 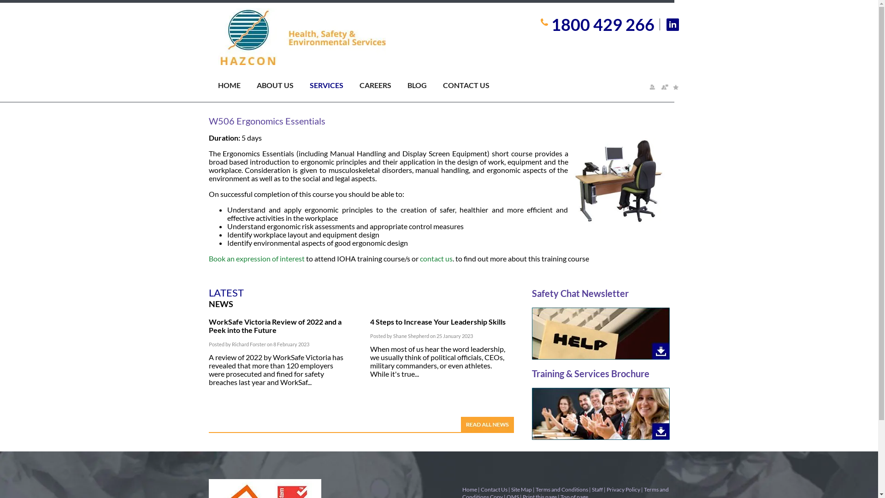 What do you see at coordinates (473, 87) in the screenshot?
I see `'CONTACT US'` at bounding box center [473, 87].